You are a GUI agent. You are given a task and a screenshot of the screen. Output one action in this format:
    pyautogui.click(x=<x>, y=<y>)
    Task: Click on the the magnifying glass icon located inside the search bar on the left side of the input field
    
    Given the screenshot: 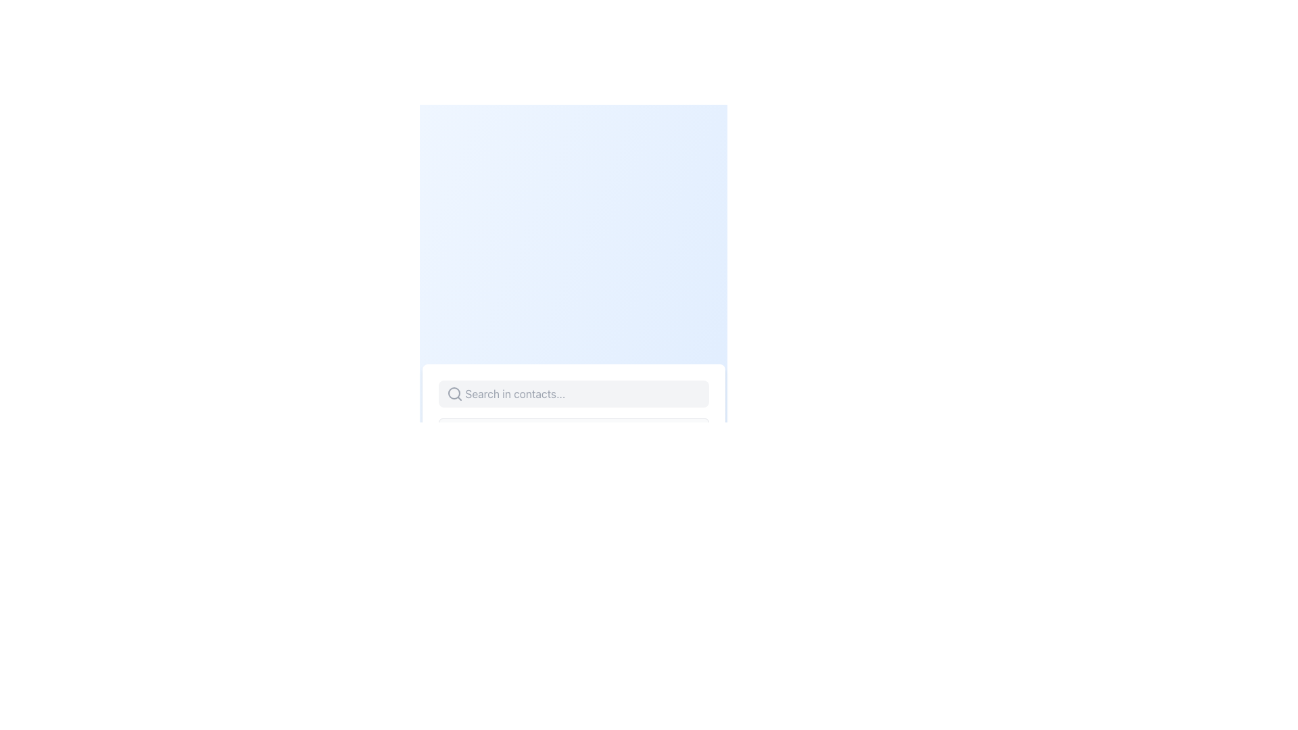 What is the action you would take?
    pyautogui.click(x=454, y=393)
    